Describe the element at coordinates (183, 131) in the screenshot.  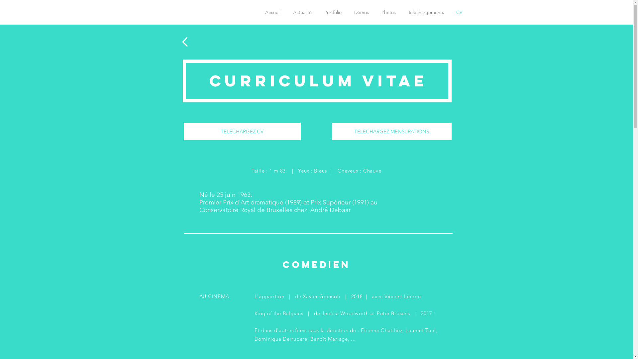
I see `'TELECHARGEZ CV'` at that location.